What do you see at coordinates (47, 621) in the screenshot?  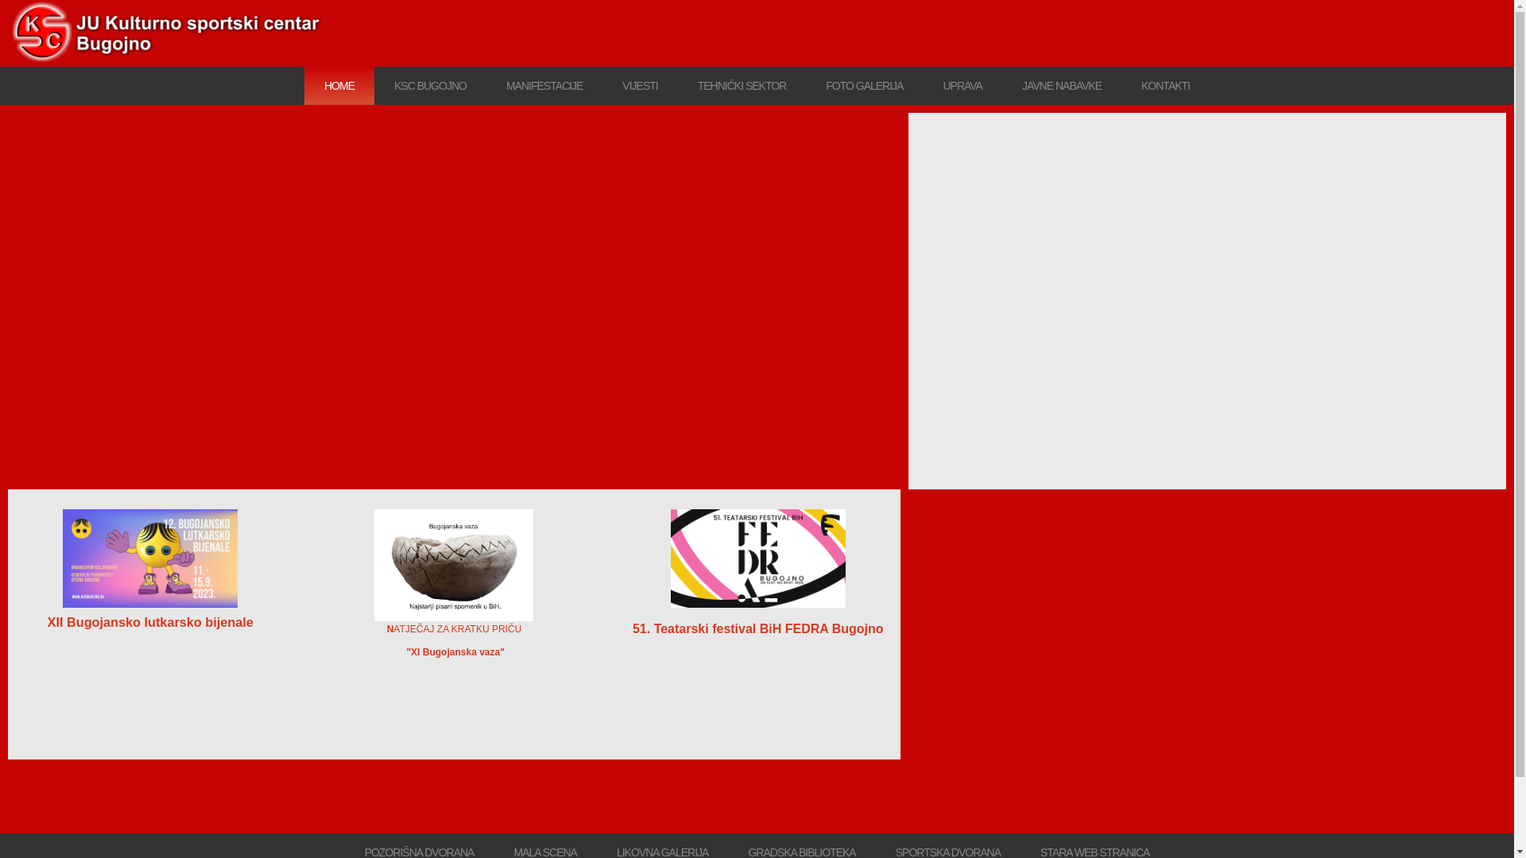 I see `'XII Bugojansko lutkarsko bijenale'` at bounding box center [47, 621].